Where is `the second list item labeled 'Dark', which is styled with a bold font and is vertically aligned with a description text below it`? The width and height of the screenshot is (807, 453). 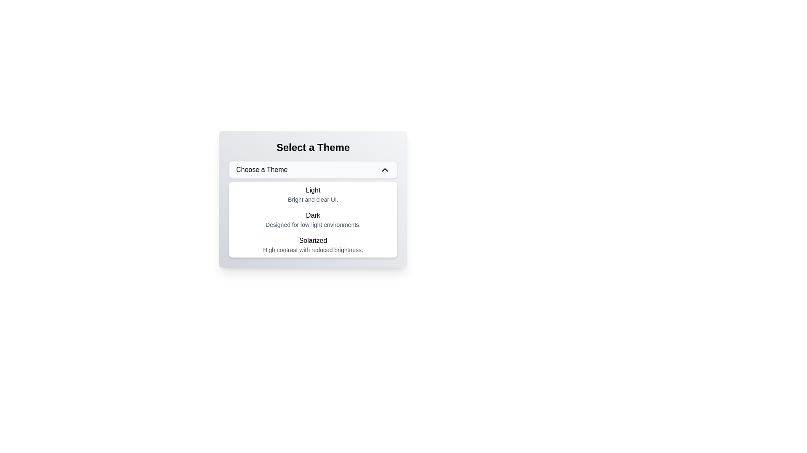
the second list item labeled 'Dark', which is styled with a bold font and is vertically aligned with a description text below it is located at coordinates (312, 219).